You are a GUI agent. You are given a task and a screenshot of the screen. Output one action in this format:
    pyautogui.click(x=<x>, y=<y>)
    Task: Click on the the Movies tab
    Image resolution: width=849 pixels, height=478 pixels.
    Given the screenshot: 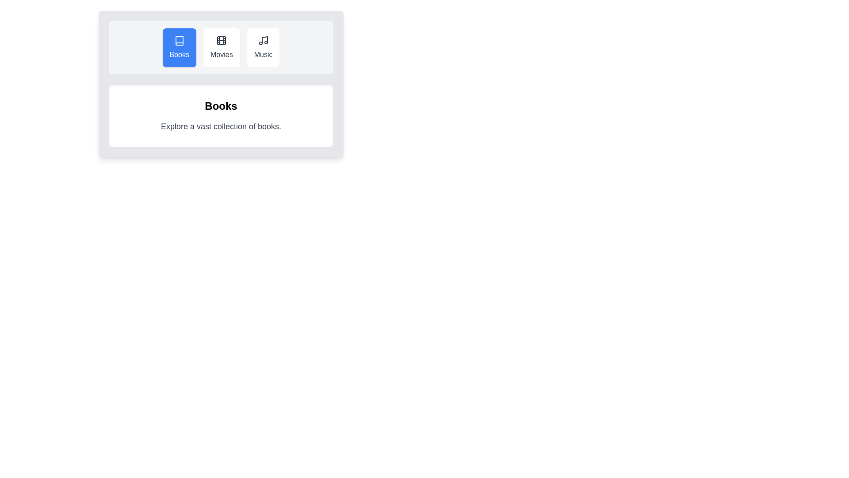 What is the action you would take?
    pyautogui.click(x=222, y=48)
    